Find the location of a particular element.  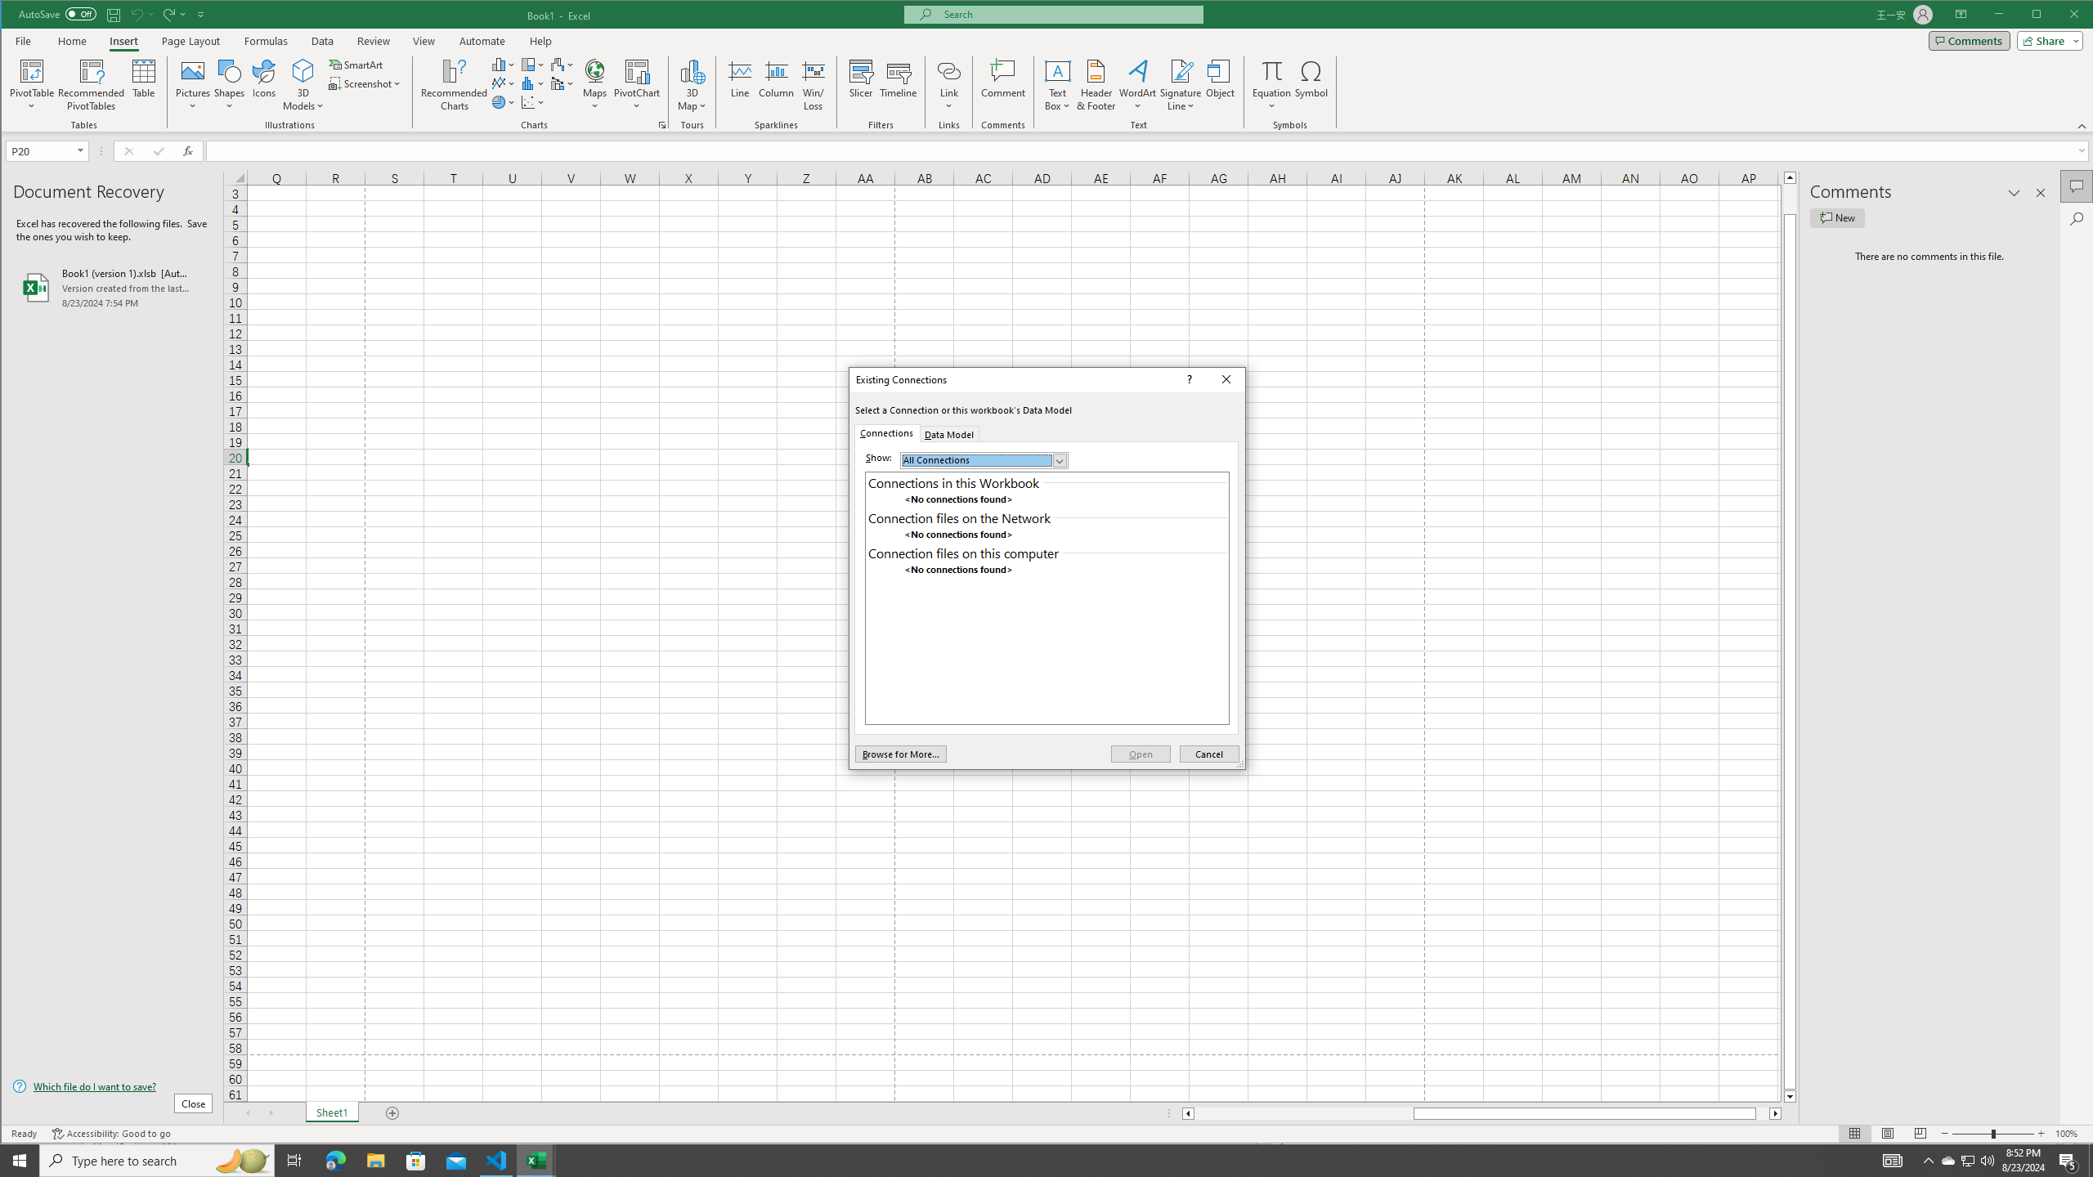

'Data' is located at coordinates (323, 40).